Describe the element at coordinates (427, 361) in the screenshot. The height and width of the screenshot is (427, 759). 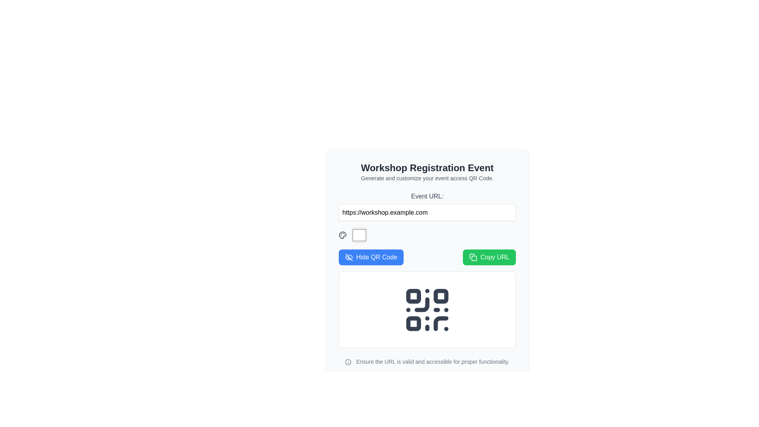
I see `the informational text with an icon located at the bottom of the 'Workshop Registration Event' card area, just above the 'Clear Configuration' section` at that location.